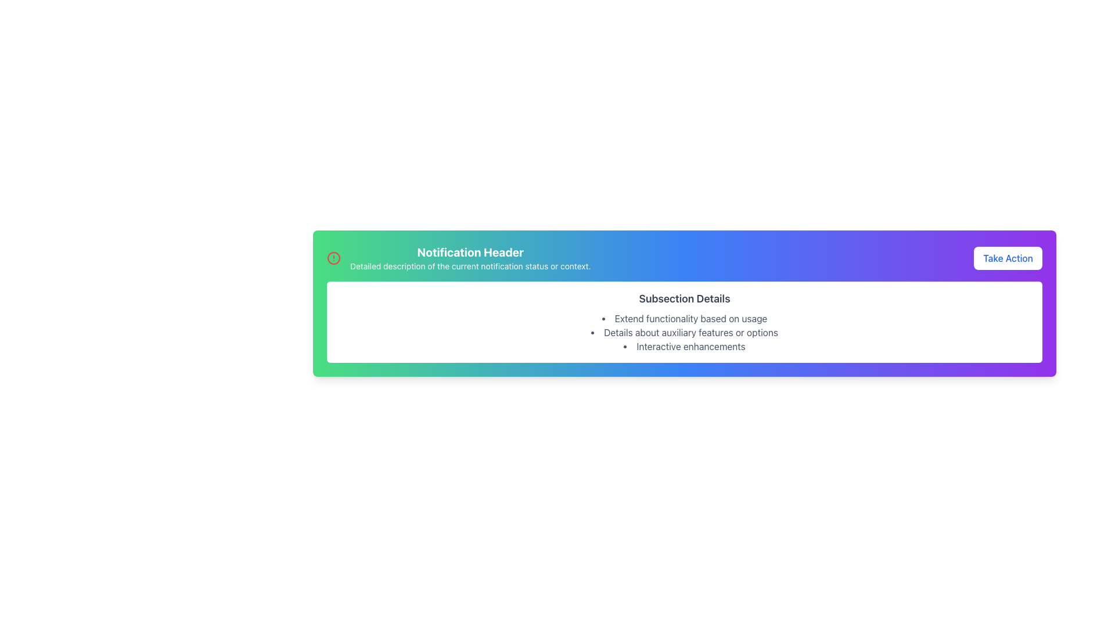  Describe the element at coordinates (470, 266) in the screenshot. I see `the text that provides detailed information regarding the notification status, located directly beneath the 'Notification Header'` at that location.